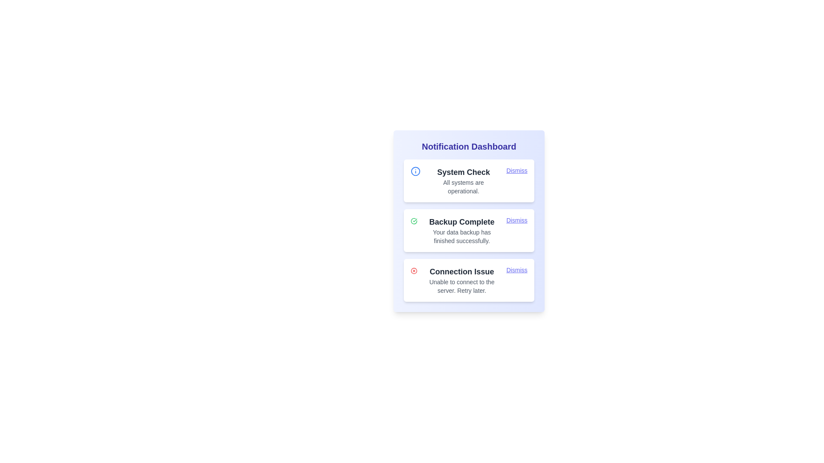 This screenshot has width=824, height=463. Describe the element at coordinates (461, 236) in the screenshot. I see `the text element that reads 'Your data backup has finished successfully.' positioned directly underneath the 'Backup Complete' header` at that location.